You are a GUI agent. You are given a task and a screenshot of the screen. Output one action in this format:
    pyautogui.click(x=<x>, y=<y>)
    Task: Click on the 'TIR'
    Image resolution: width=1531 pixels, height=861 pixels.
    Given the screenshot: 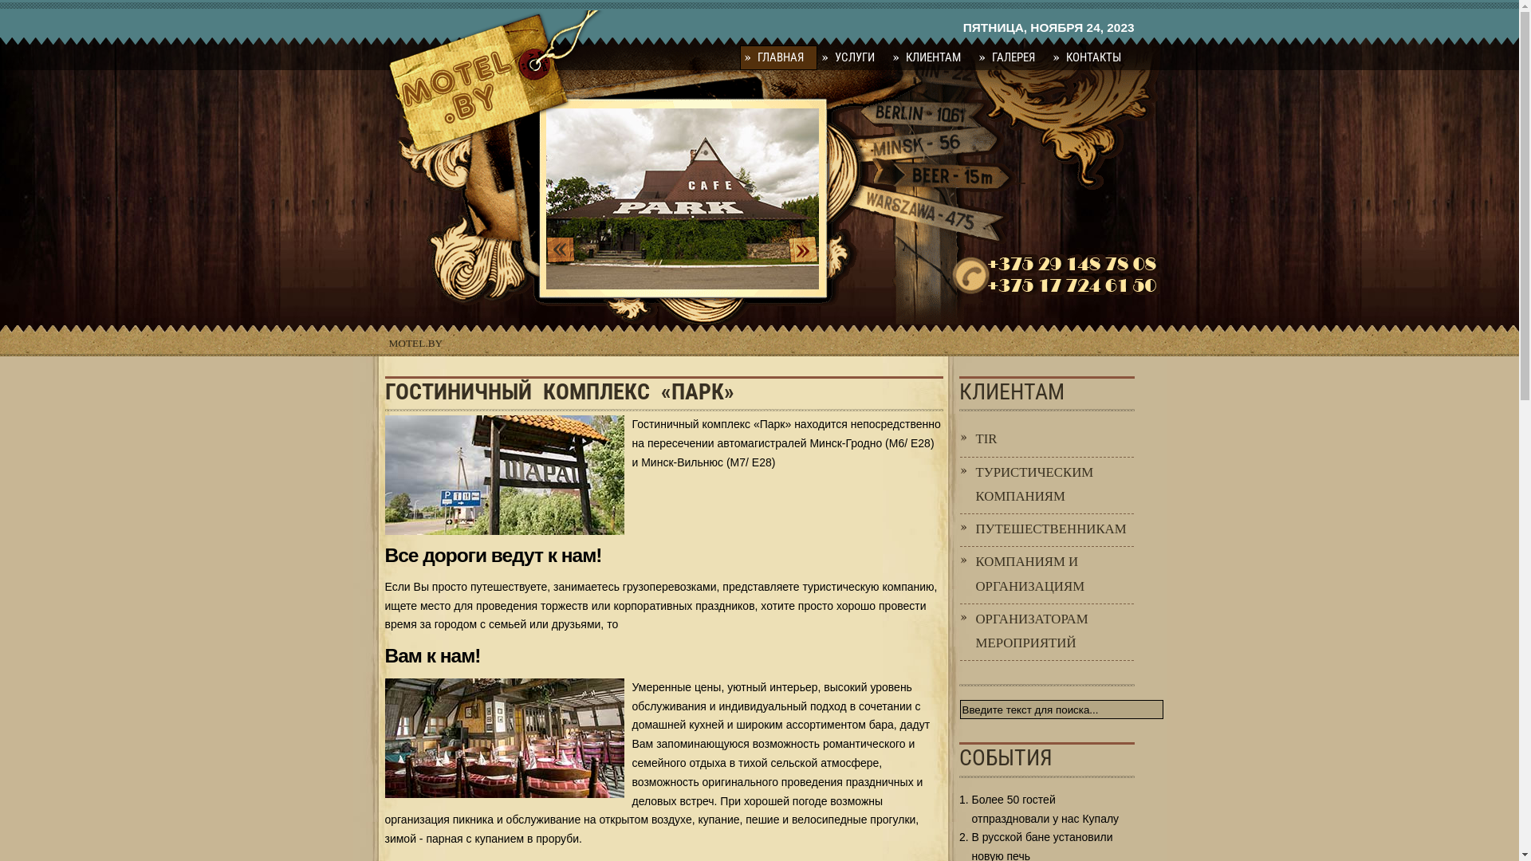 What is the action you would take?
    pyautogui.click(x=1047, y=439)
    